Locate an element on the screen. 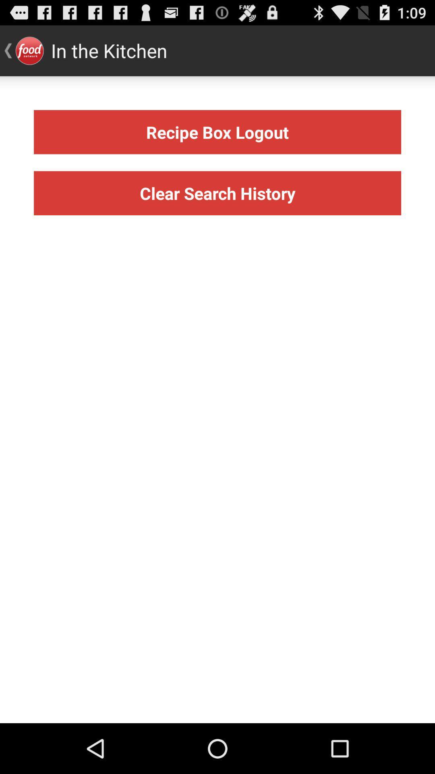  icon below the recipe box logout icon is located at coordinates (217, 193).